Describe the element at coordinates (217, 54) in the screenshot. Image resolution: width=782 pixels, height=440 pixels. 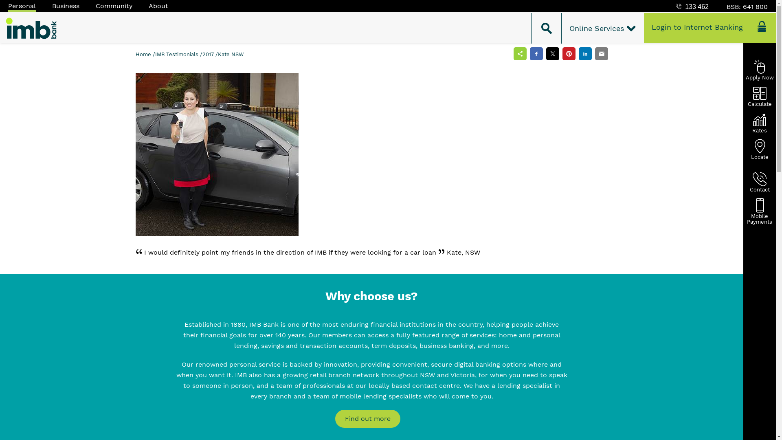
I see `'Kate NSW'` at that location.